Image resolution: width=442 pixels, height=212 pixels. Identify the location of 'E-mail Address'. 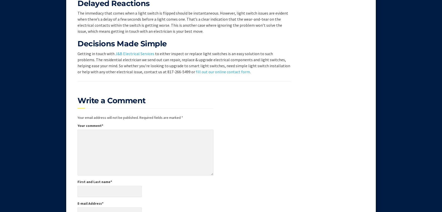
(89, 203).